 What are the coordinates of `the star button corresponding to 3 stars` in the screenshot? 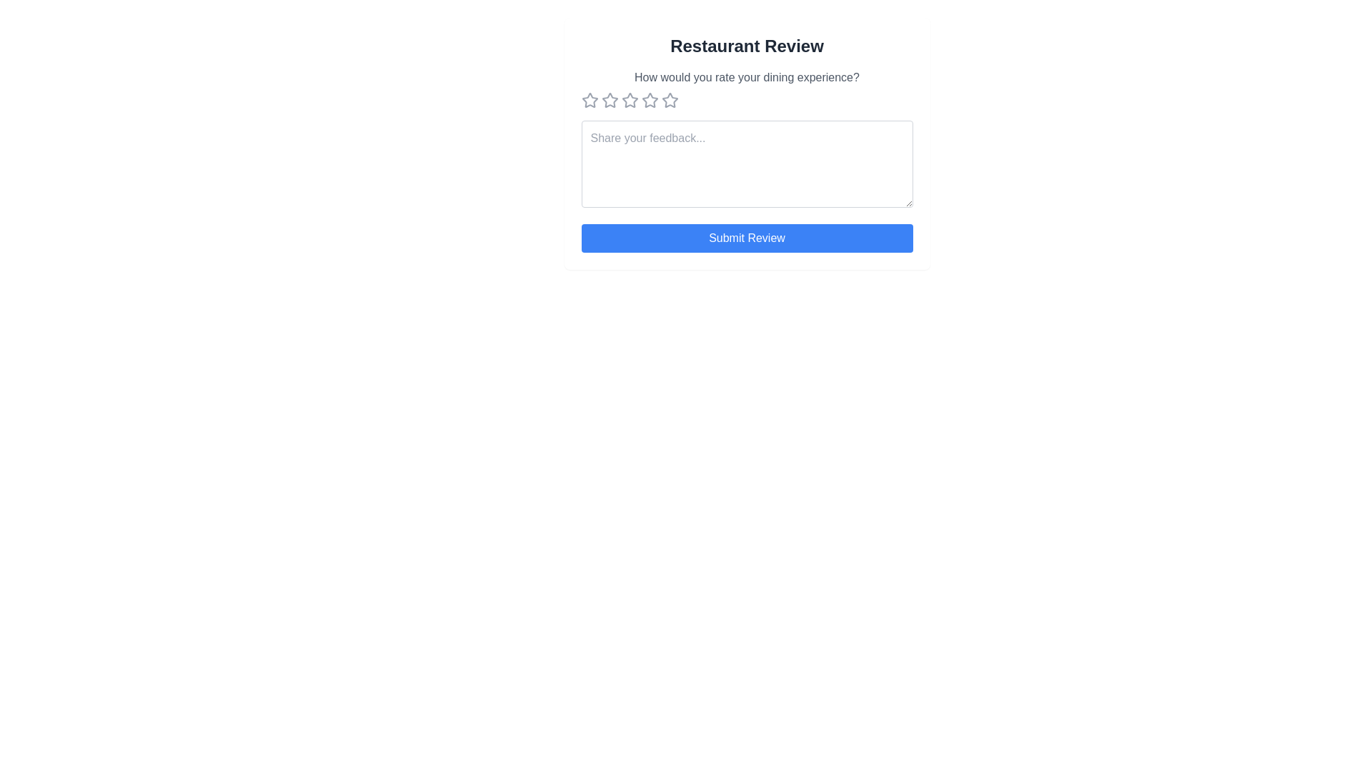 It's located at (629, 100).